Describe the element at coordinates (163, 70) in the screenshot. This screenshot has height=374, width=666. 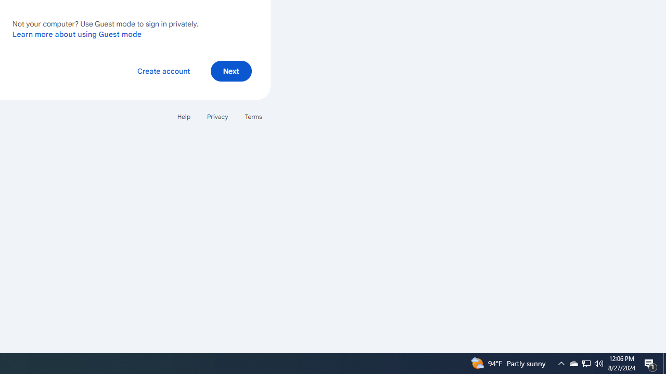
I see `'Create account'` at that location.